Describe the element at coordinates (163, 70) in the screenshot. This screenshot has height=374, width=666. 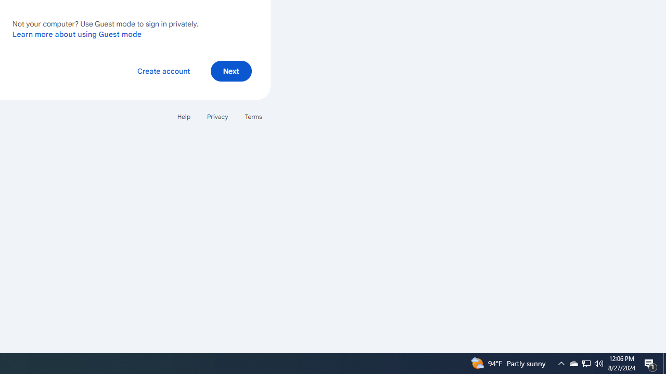
I see `'Create account'` at that location.